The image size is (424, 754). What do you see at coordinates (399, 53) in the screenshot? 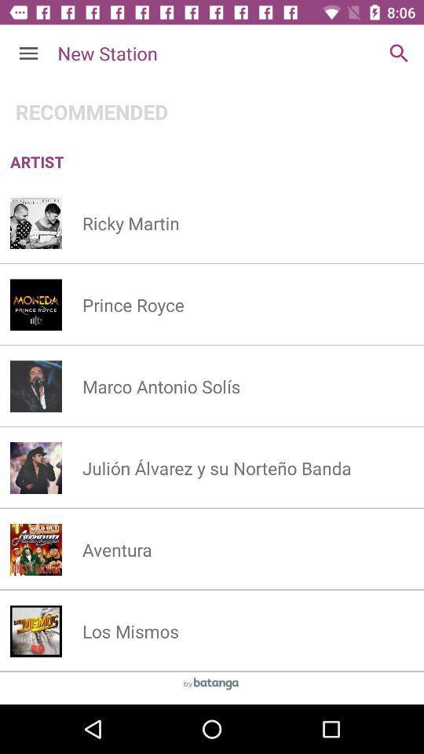
I see `icon next to the new station` at bounding box center [399, 53].